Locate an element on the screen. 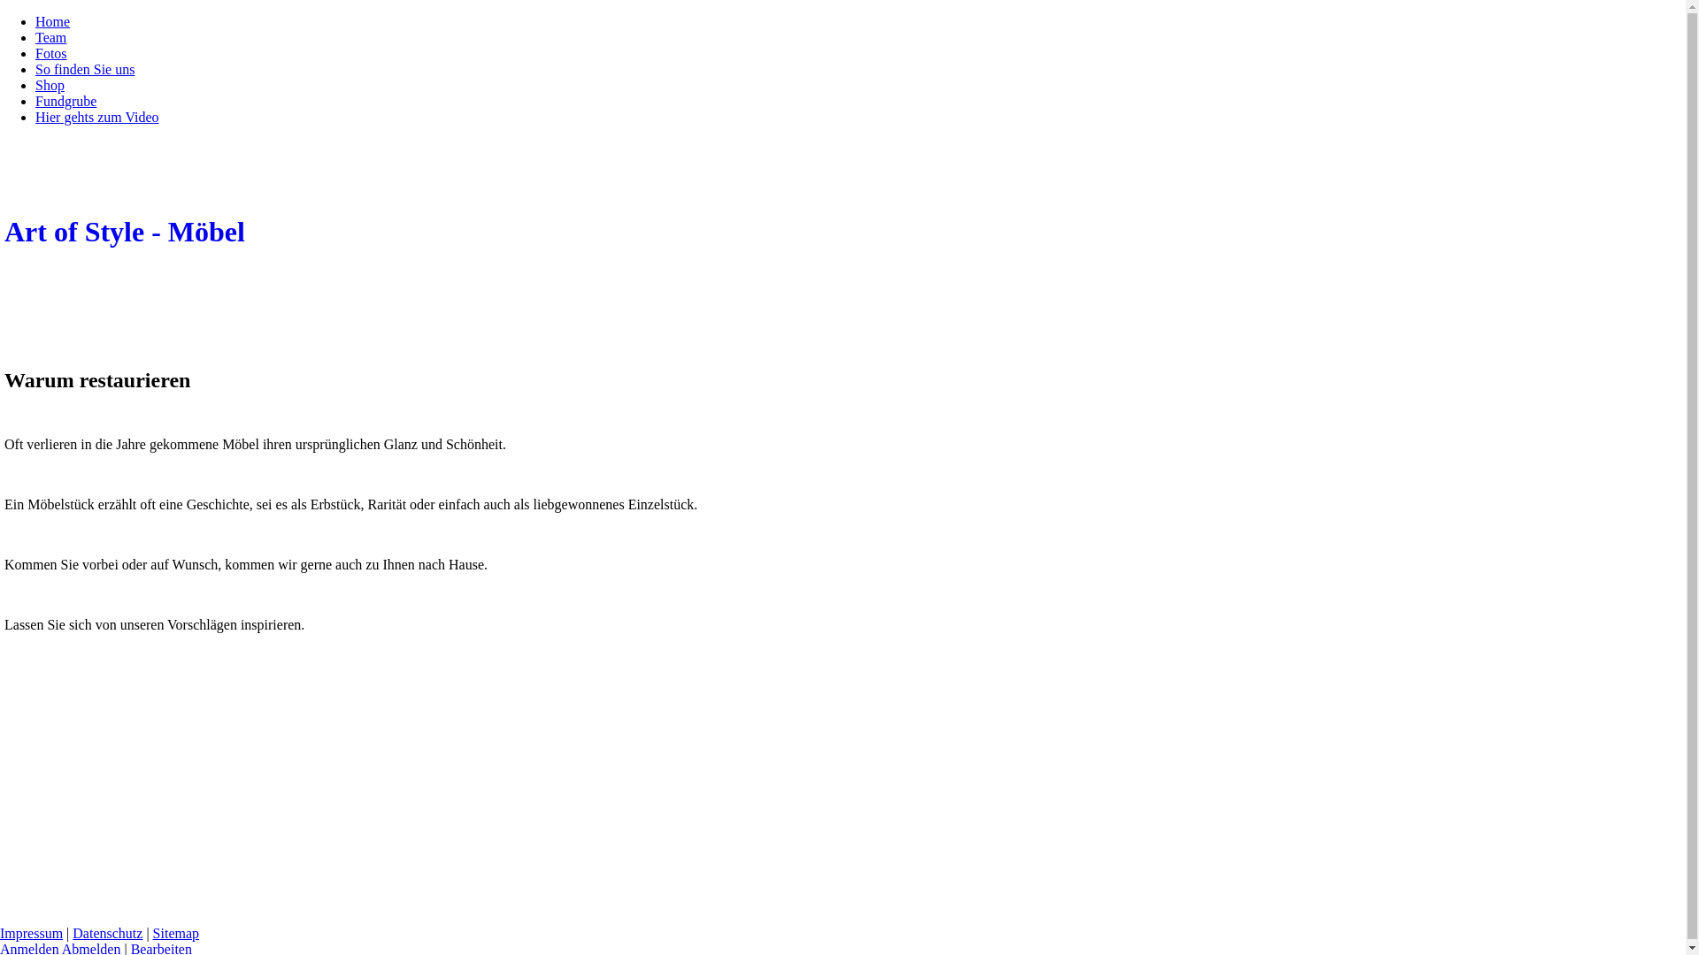  'Hier gehts zum Video' is located at coordinates (96, 117).